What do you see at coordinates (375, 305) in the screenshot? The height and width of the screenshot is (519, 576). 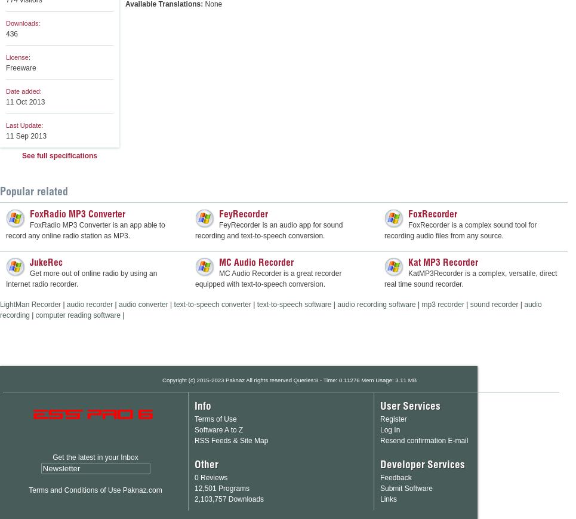 I see `'audio recording software'` at bounding box center [375, 305].